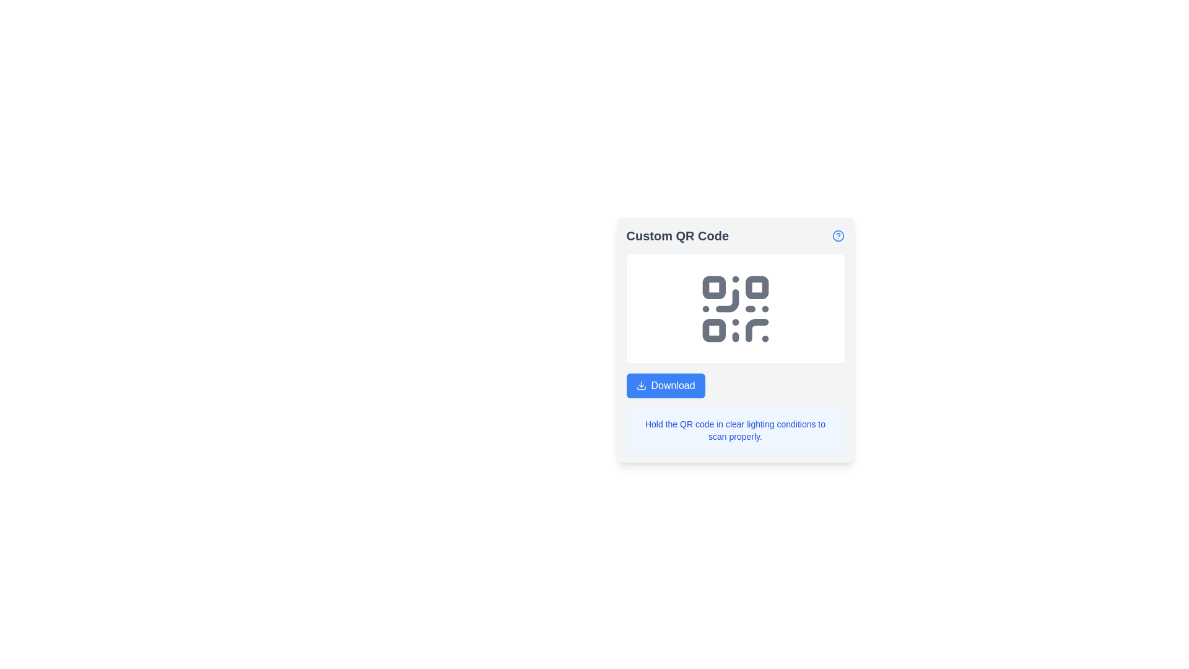  I want to click on the circular blue icon with a question mark symbol located in the top-right corner of the 'Custom QR Code' section, so click(838, 236).